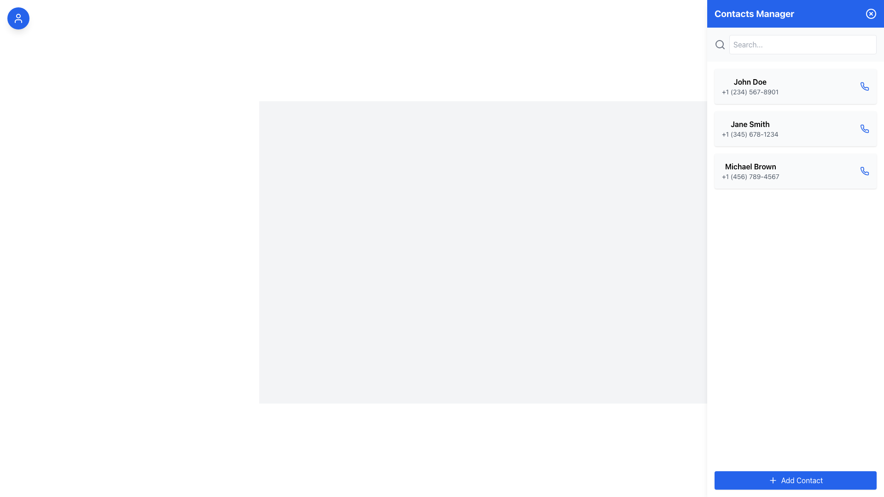 The width and height of the screenshot is (884, 497). Describe the element at coordinates (795, 129) in the screenshot. I see `the contact card displaying 'Jane Smith' with the phone number '+1 (345) 678-1234' located in the sidebar` at that location.